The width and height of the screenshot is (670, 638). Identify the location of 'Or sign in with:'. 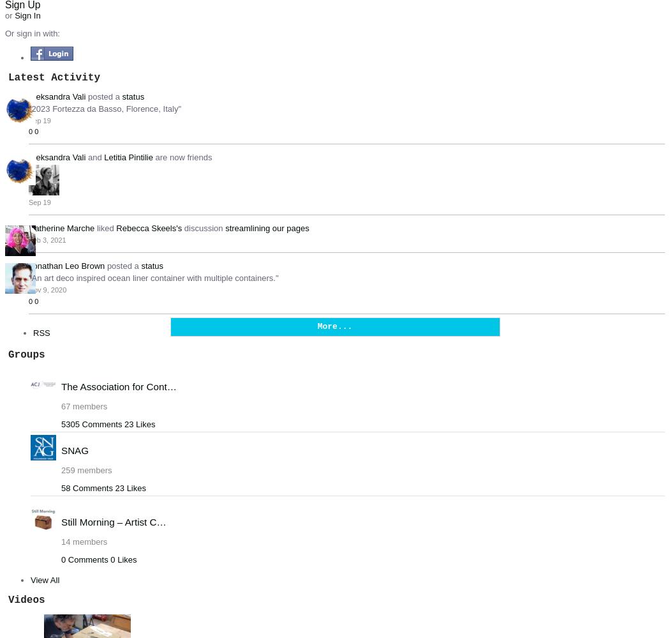
(31, 33).